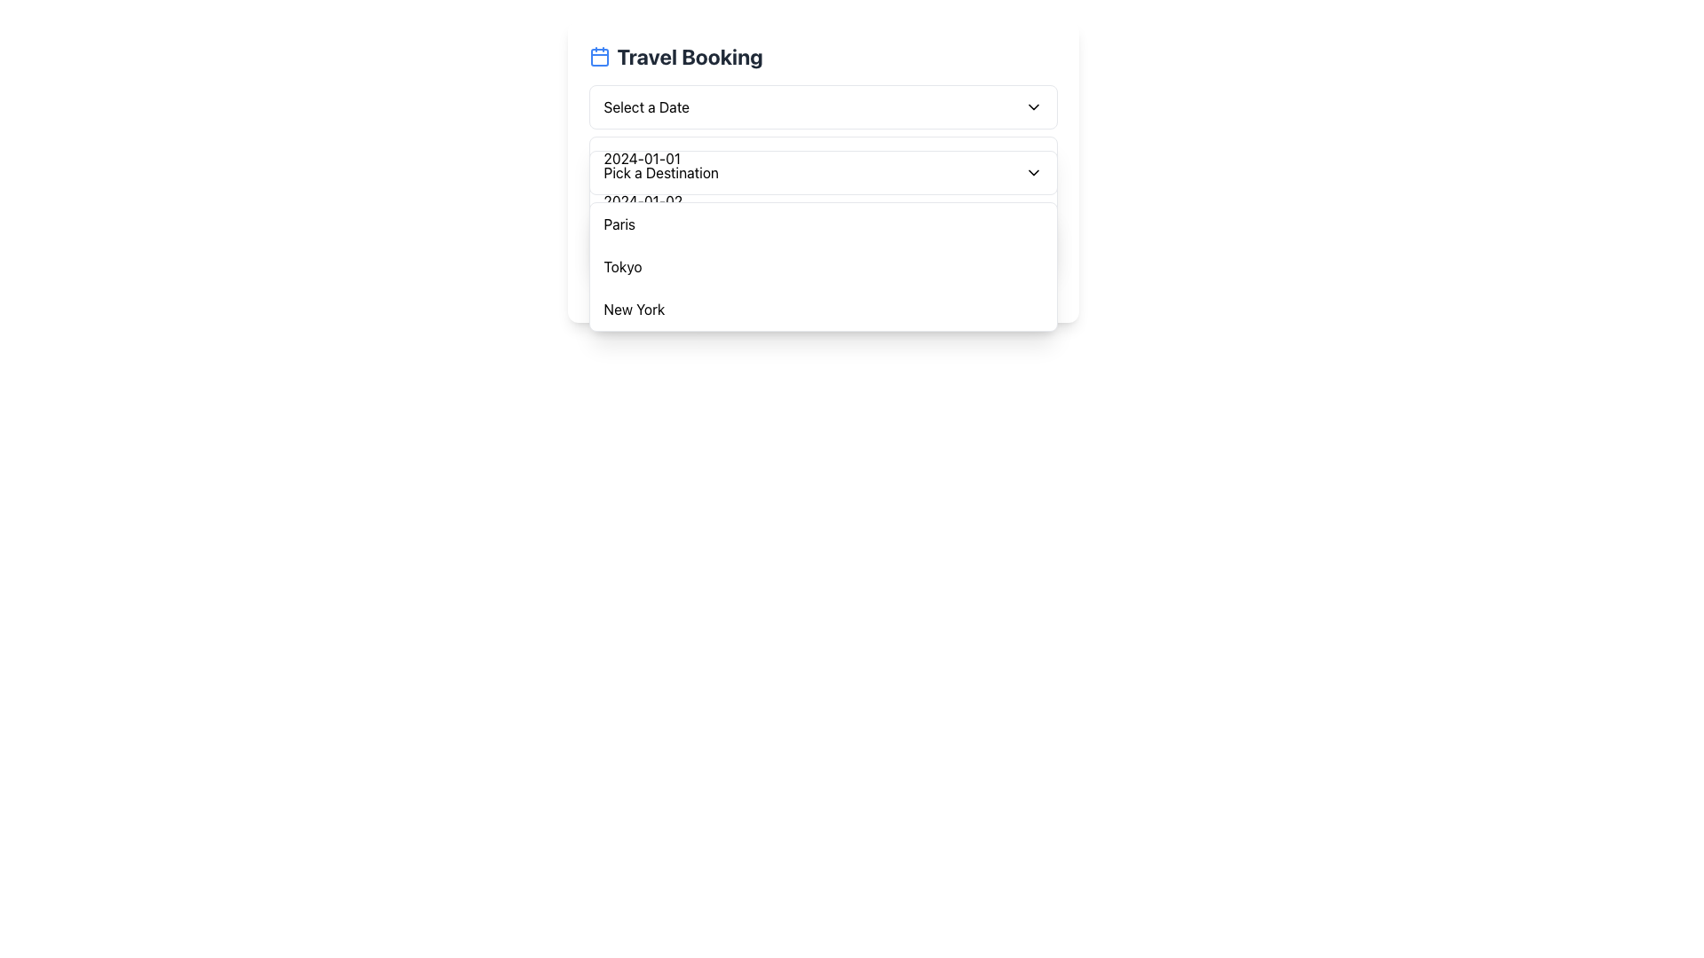 The image size is (1704, 958). I want to click on the circular checkmark icon indicating selection for the 'Paris' option in the 'Travel Booking' dropdown menu, so click(602, 224).